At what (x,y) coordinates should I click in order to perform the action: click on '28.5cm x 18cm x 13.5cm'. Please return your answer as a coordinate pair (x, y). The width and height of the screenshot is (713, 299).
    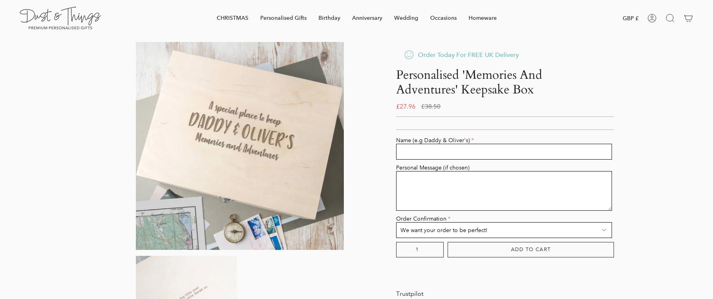
    Looking at the image, I should click on (396, 66).